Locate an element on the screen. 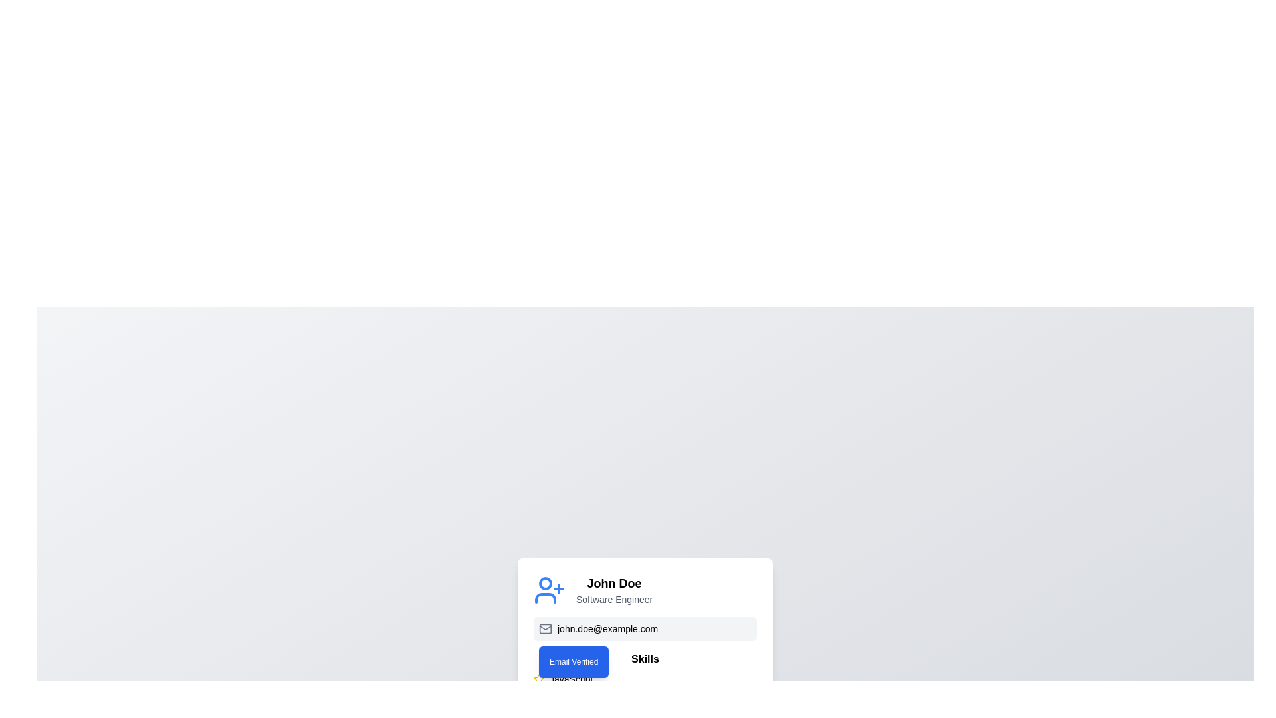 The width and height of the screenshot is (1276, 718). the occupation text element that provides context about the user, which is positioned below the 'John Doe' title and above the email information is located at coordinates (613, 600).